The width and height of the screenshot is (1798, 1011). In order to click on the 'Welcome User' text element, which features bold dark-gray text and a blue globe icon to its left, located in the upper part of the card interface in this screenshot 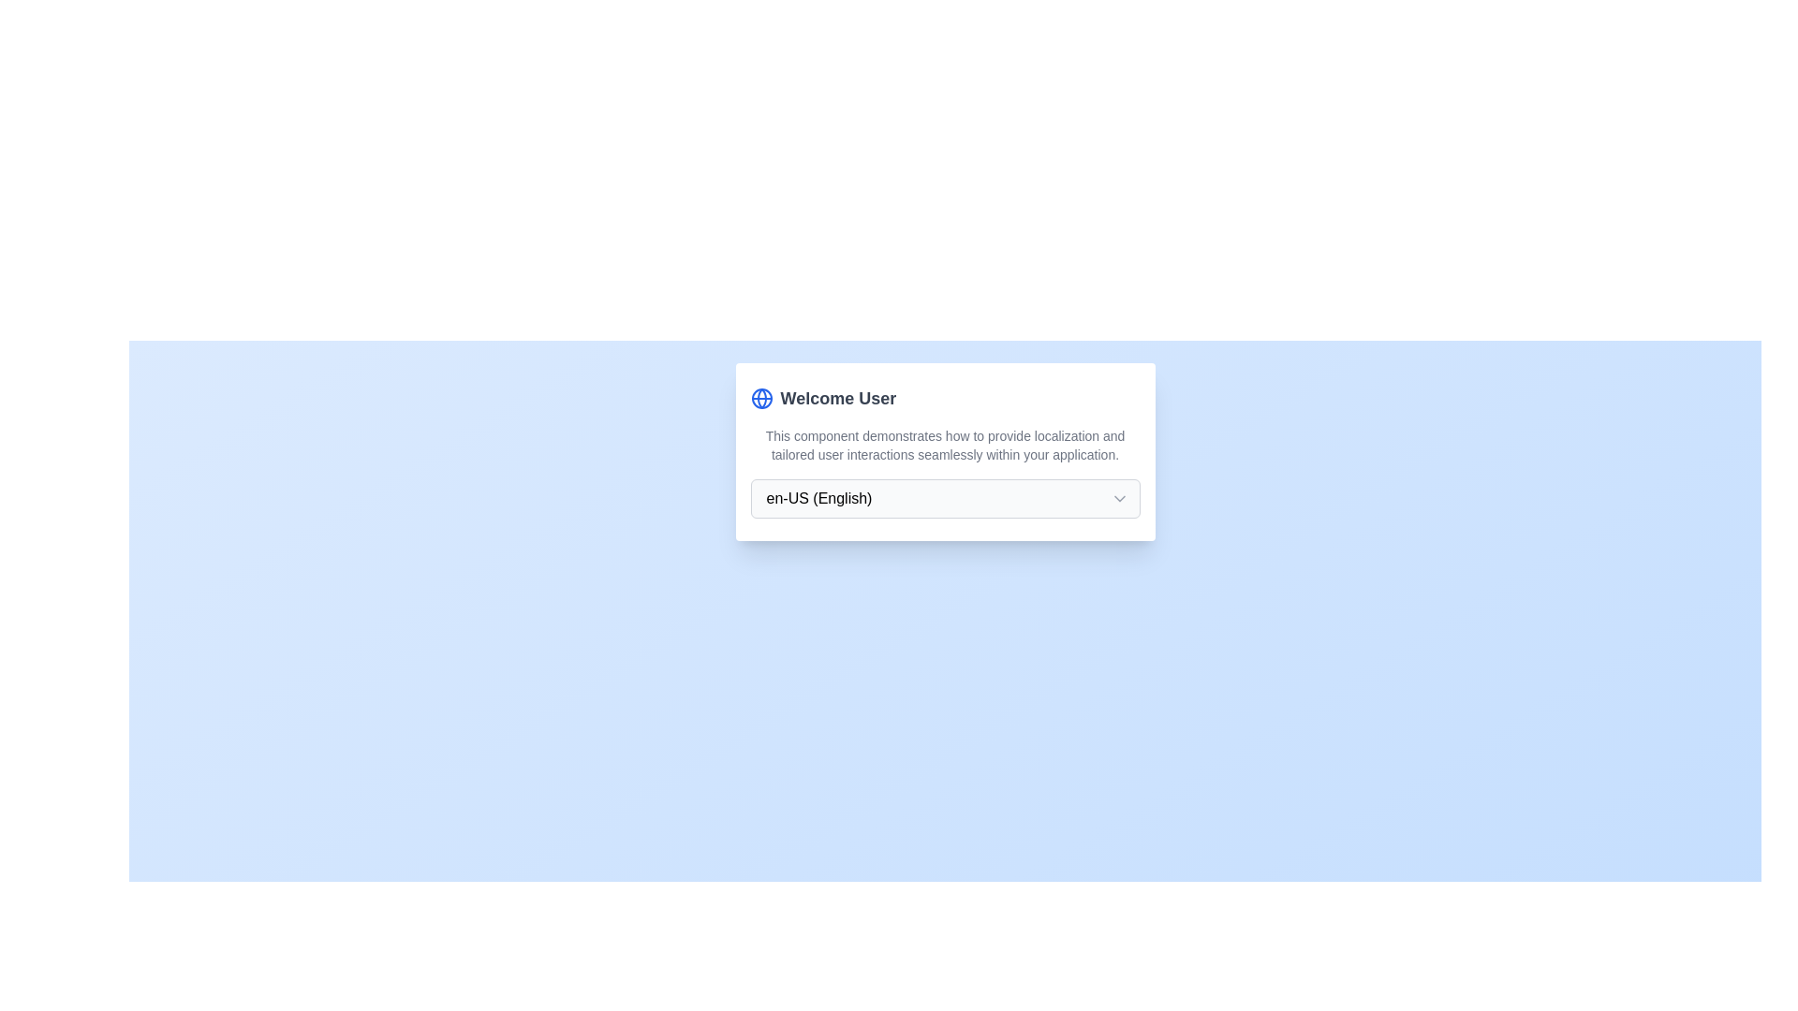, I will do `click(823, 397)`.